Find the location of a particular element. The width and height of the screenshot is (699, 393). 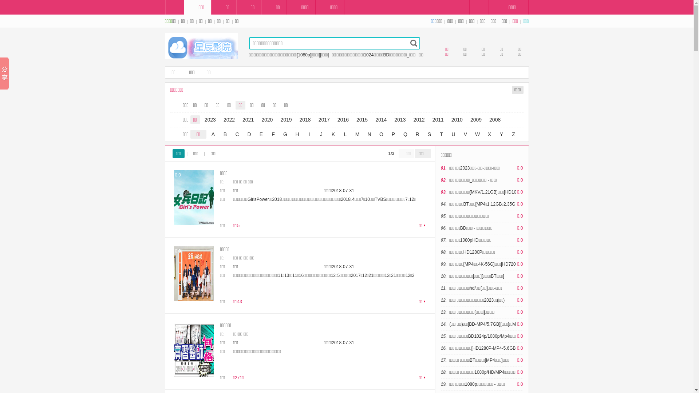

'S' is located at coordinates (430, 134).